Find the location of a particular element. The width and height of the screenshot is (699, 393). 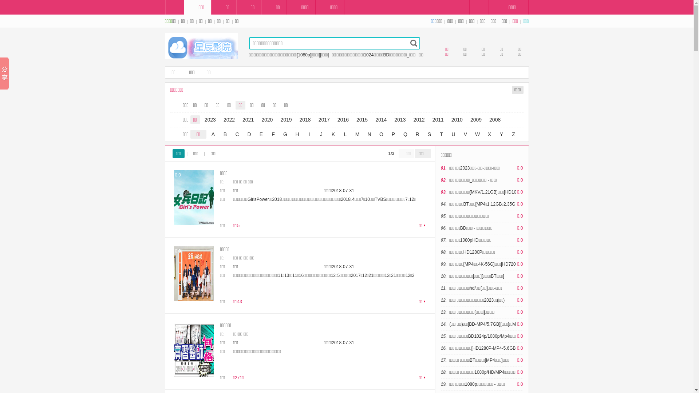

'S' is located at coordinates (430, 134).